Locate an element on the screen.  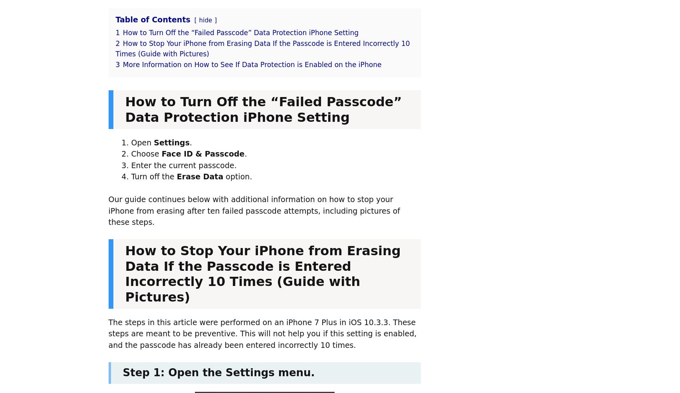
'Our guide continues below with additional information on how to stop your iPhone from erasing after ten failed passcode attempts, including pictures of these steps.' is located at coordinates (254, 210).